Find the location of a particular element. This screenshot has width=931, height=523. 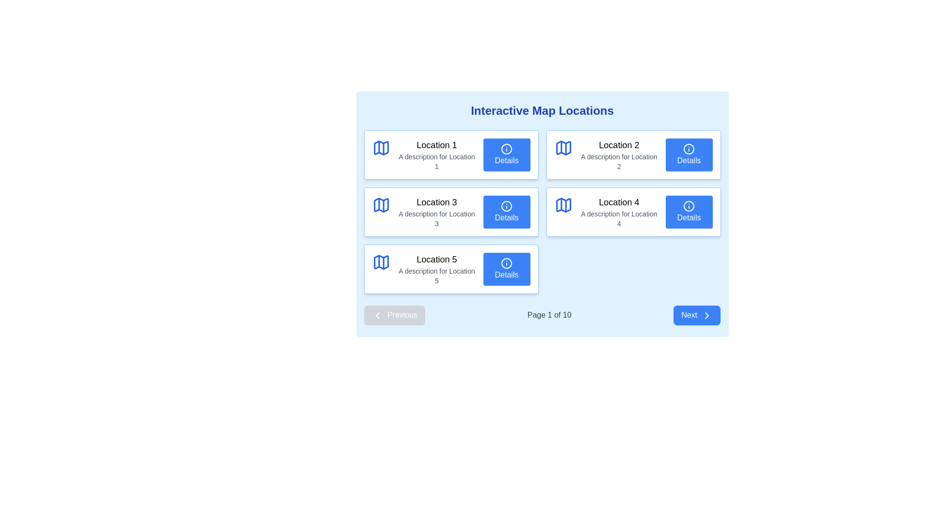

smaller, gray text that states 'A description for Location 5', which is located directly below the larger text 'Location 5' in the lower-left corner of the interface is located at coordinates (436, 276).